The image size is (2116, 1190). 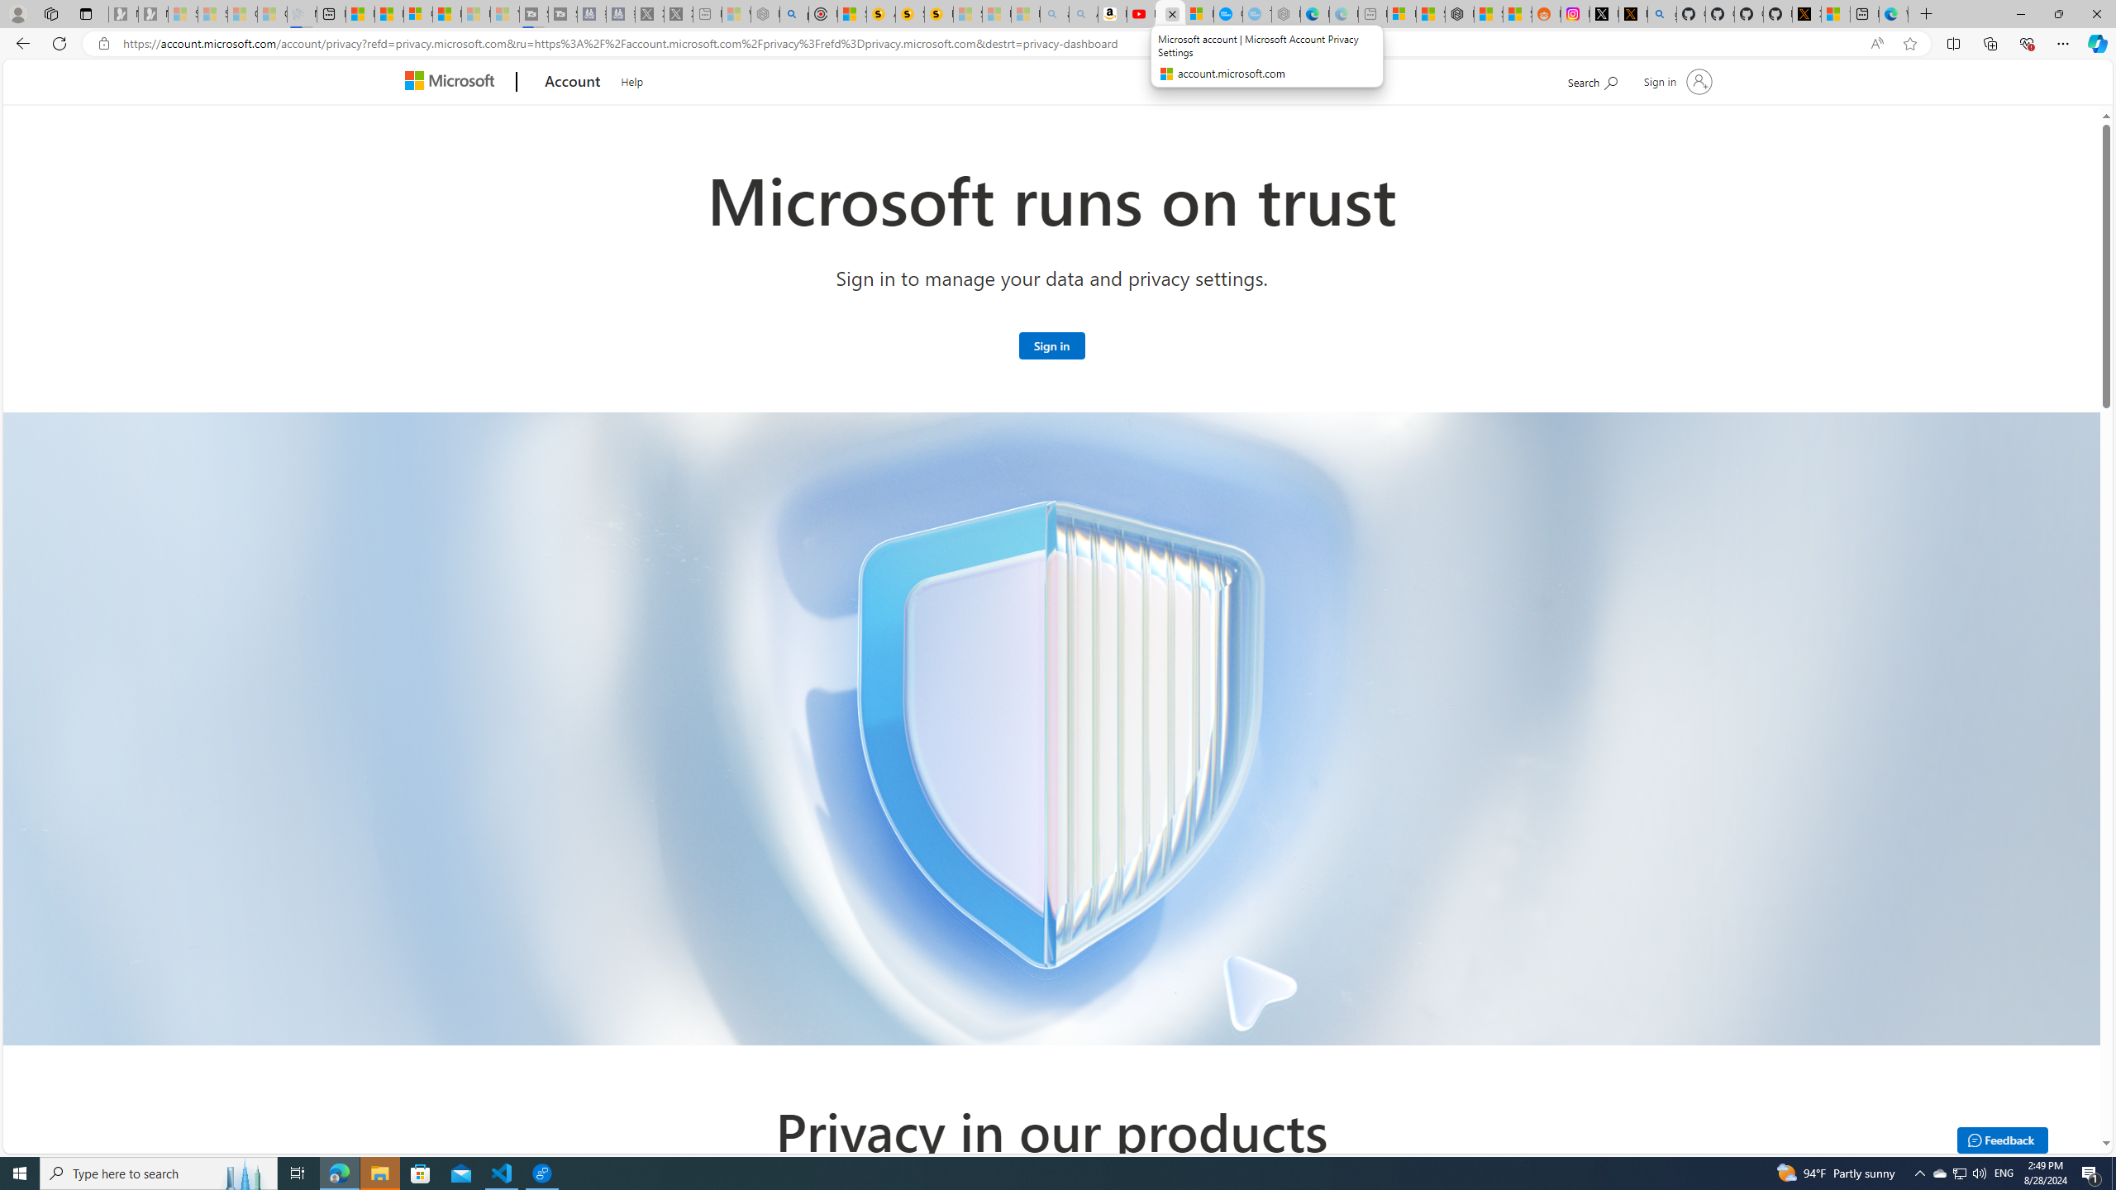 What do you see at coordinates (1633, 13) in the screenshot?
I see `'help.x.com | 524: A timeout occurred'` at bounding box center [1633, 13].